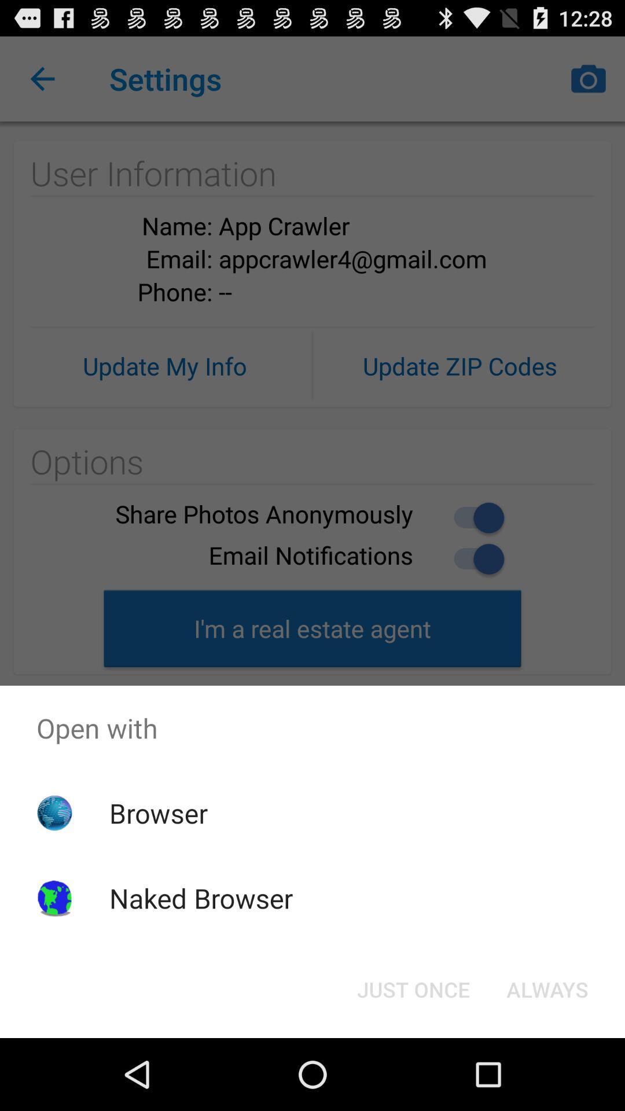 This screenshot has height=1111, width=625. Describe the element at coordinates (200, 897) in the screenshot. I see `the naked browser item` at that location.